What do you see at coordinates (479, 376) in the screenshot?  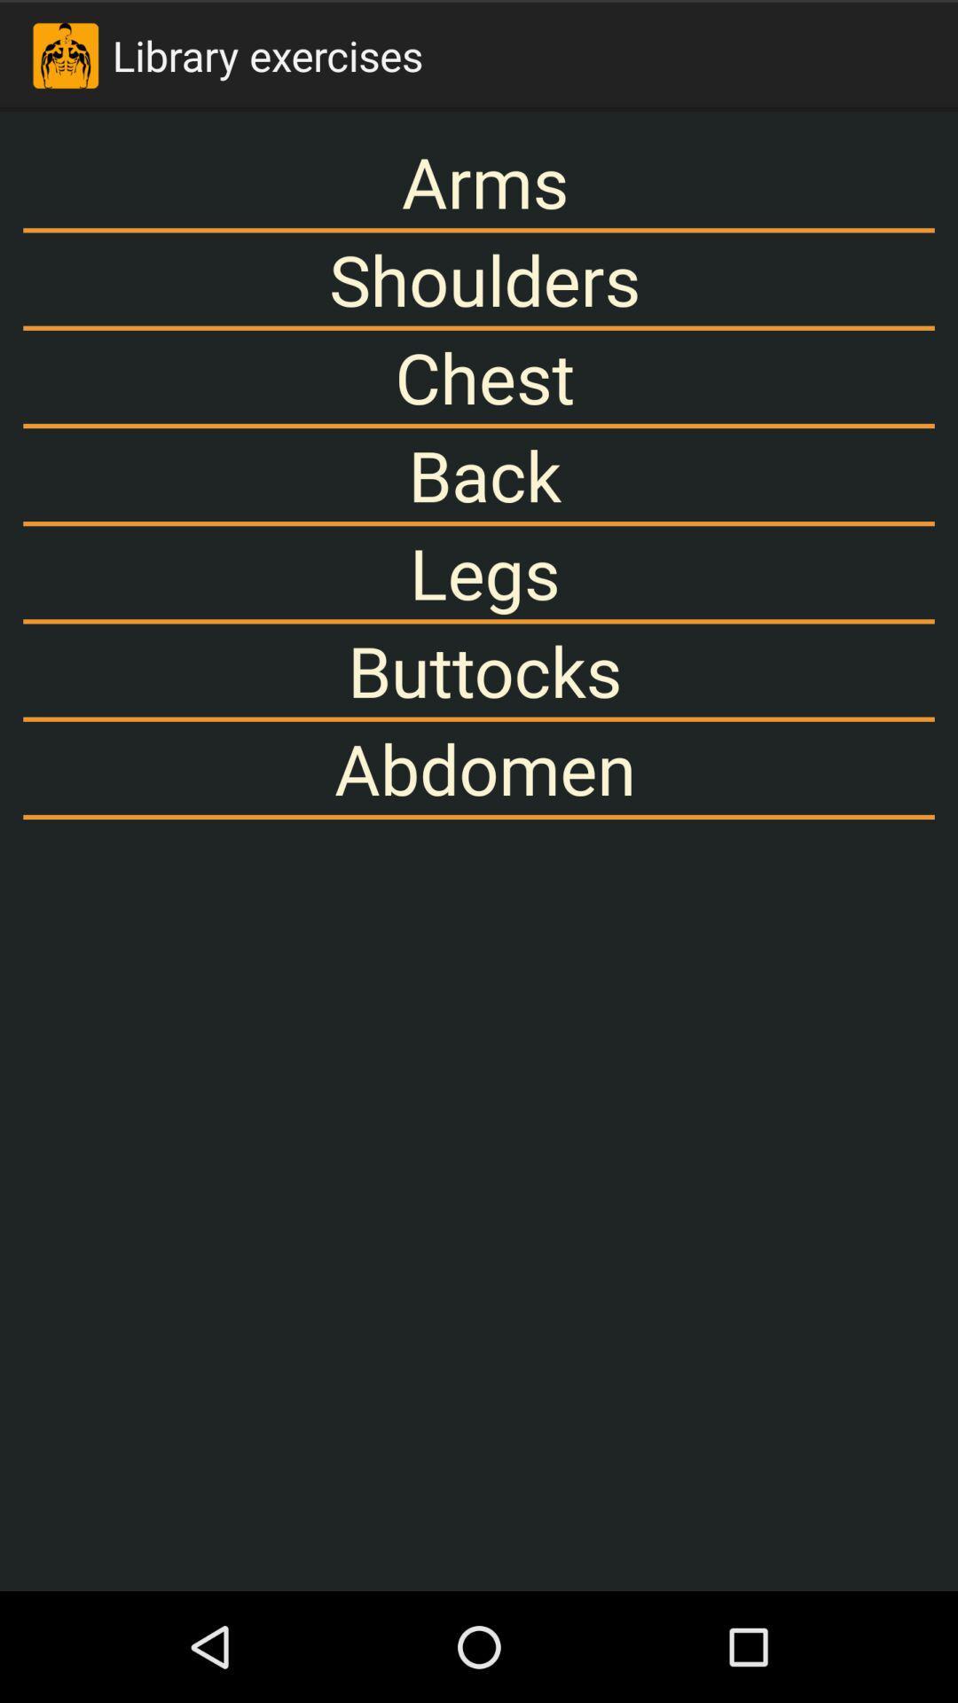 I see `the chest app` at bounding box center [479, 376].